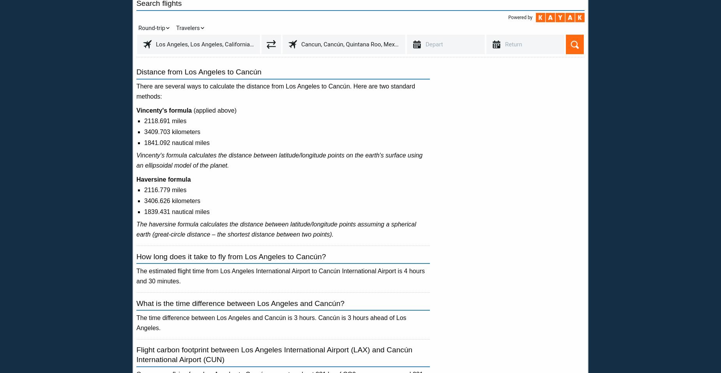  Describe the element at coordinates (280, 276) in the screenshot. I see `'The estimated flight time from Los Angeles International Airport to Cancún International Airport is
4 hours and 30 minutes.'` at that location.